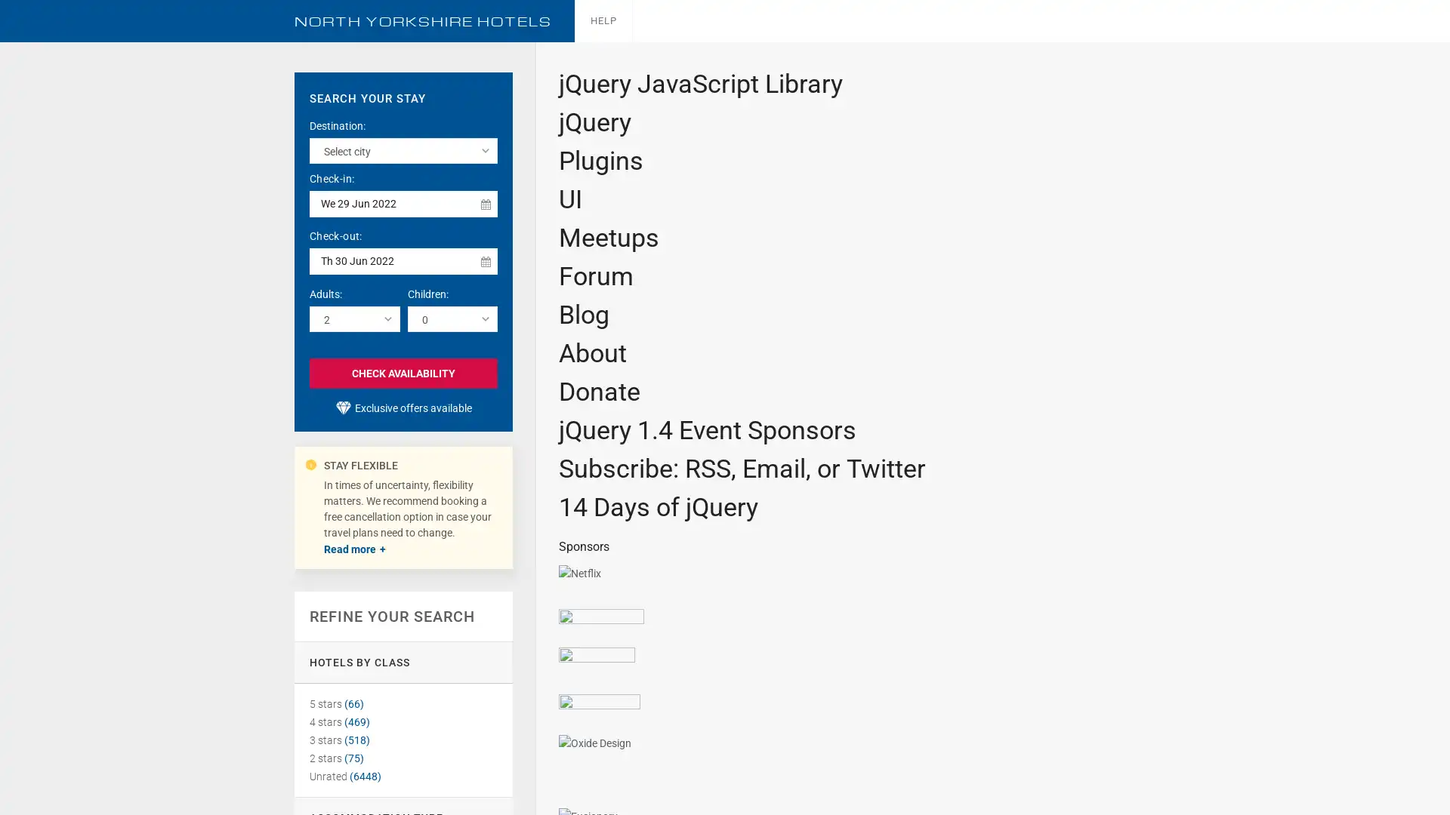 The height and width of the screenshot is (815, 1450). Describe the element at coordinates (403, 372) in the screenshot. I see `CHECK AVAILABILITY` at that location.